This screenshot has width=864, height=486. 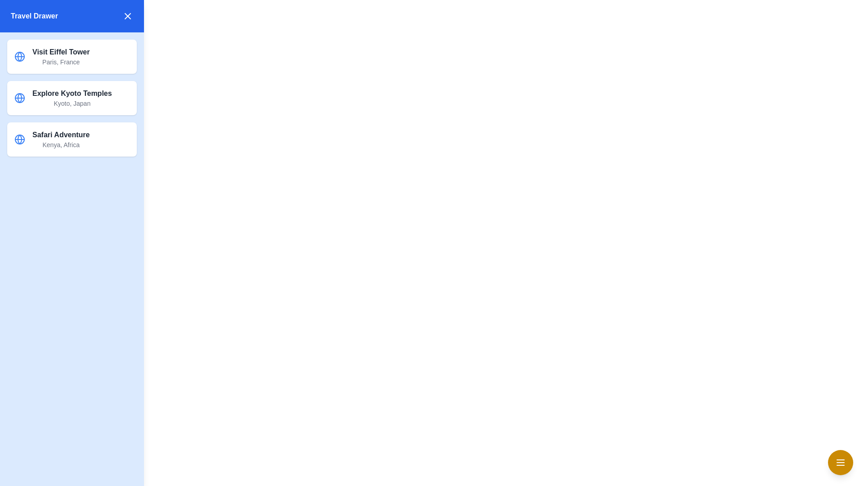 What do you see at coordinates (60, 62) in the screenshot?
I see `the text label displaying 'Paris, France', which is located below the bold text 'Visit Eiffel Tower' in the first card of the left-side panel` at bounding box center [60, 62].